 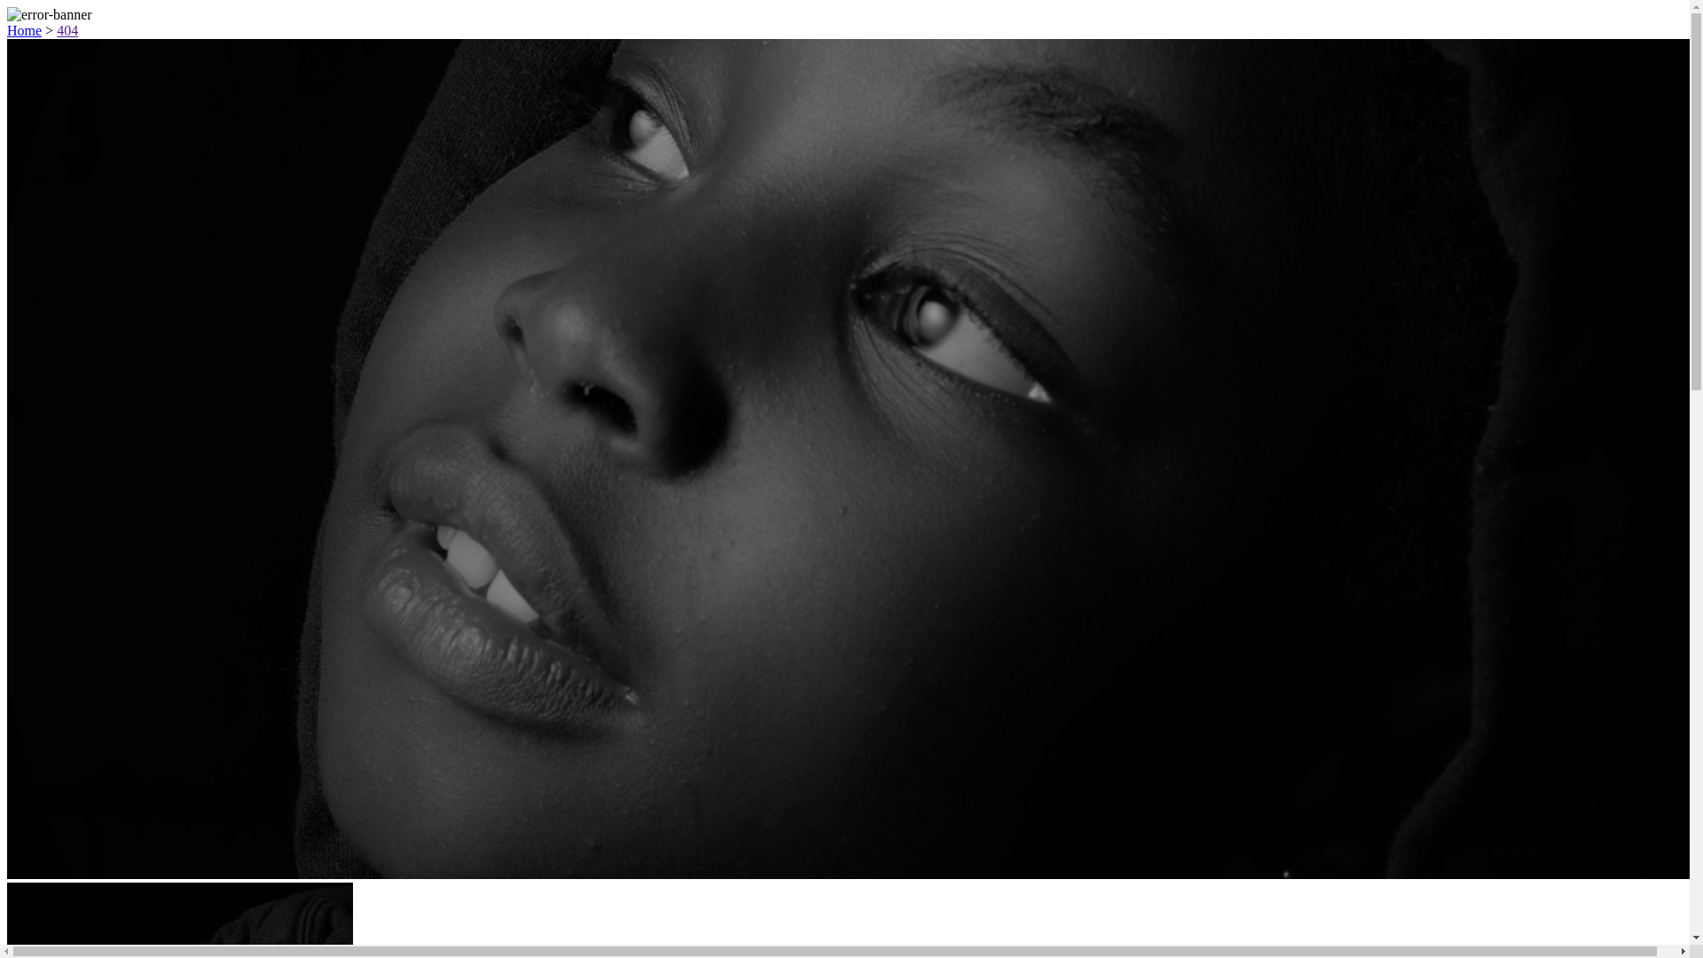 I want to click on 'Home', so click(x=24, y=30).